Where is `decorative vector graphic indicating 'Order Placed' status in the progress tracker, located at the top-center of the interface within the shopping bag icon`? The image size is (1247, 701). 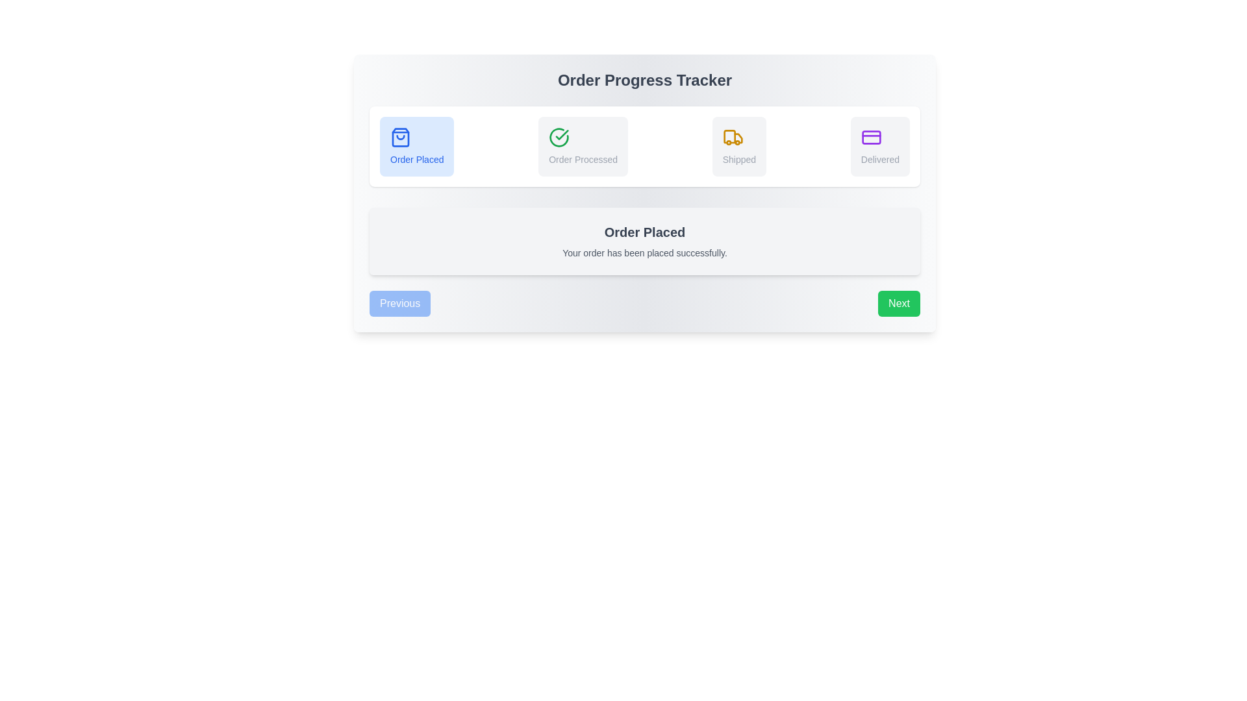 decorative vector graphic indicating 'Order Placed' status in the progress tracker, located at the top-center of the interface within the shopping bag icon is located at coordinates (400, 138).